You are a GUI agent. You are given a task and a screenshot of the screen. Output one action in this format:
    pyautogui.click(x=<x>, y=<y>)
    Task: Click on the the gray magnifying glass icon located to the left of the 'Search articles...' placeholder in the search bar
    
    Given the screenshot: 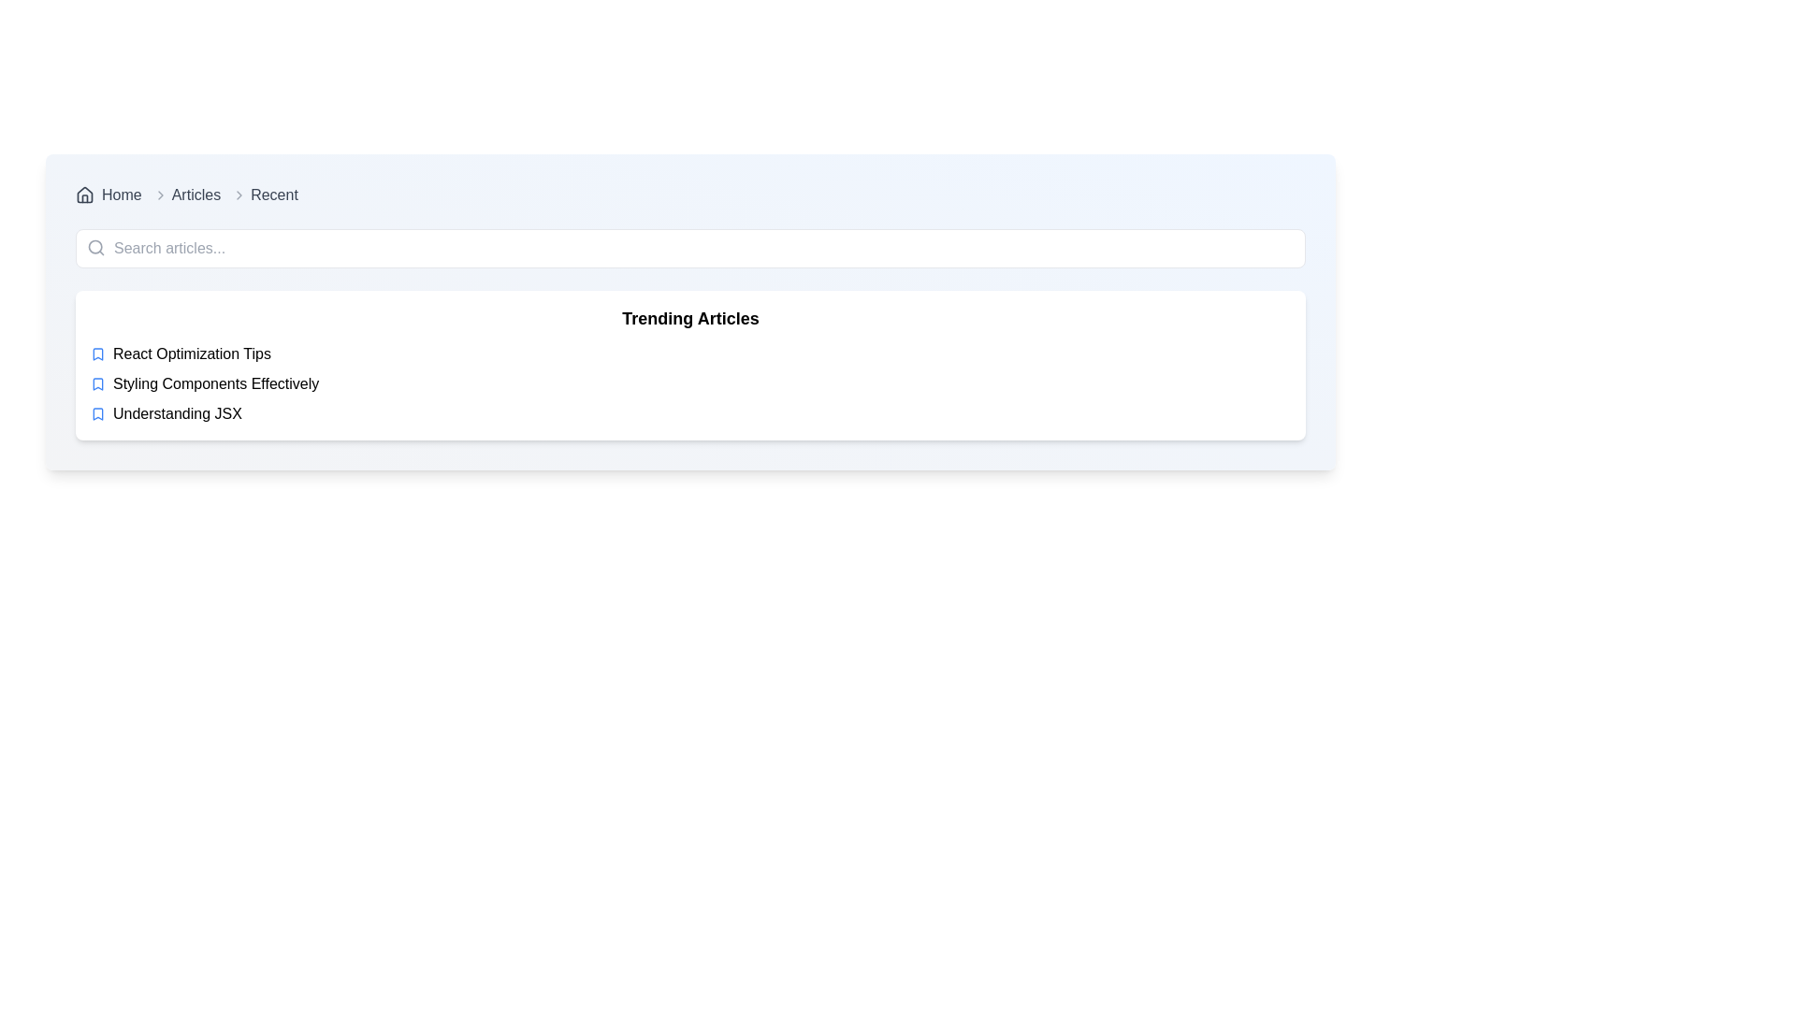 What is the action you would take?
    pyautogui.click(x=94, y=247)
    